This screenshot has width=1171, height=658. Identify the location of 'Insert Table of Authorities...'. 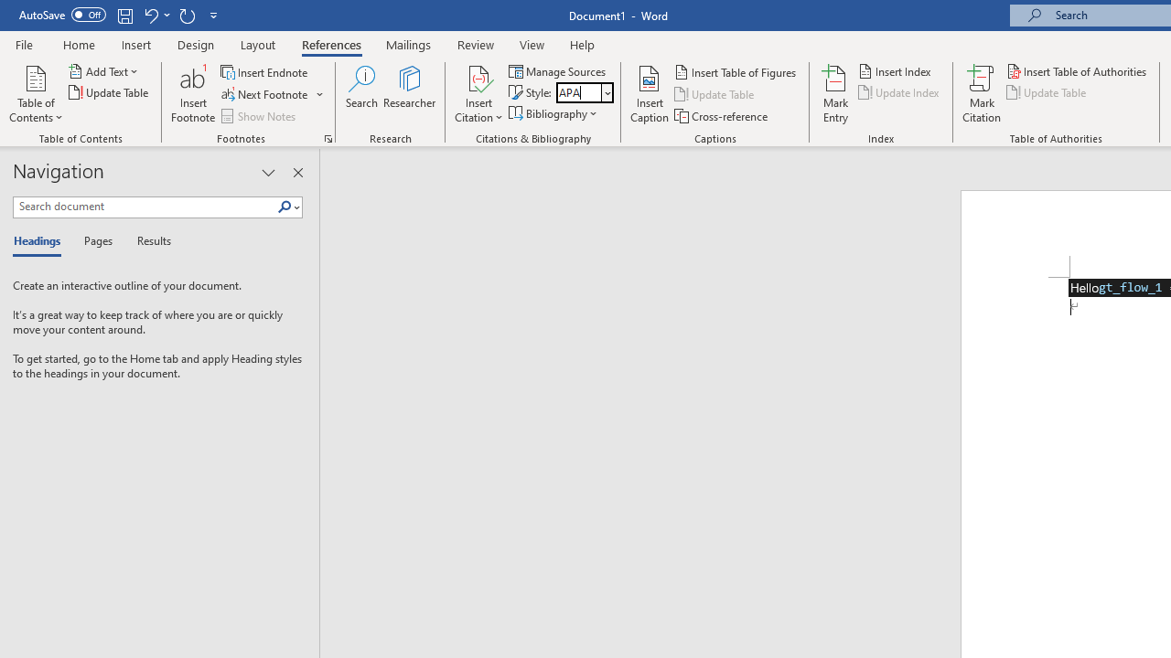
(1078, 70).